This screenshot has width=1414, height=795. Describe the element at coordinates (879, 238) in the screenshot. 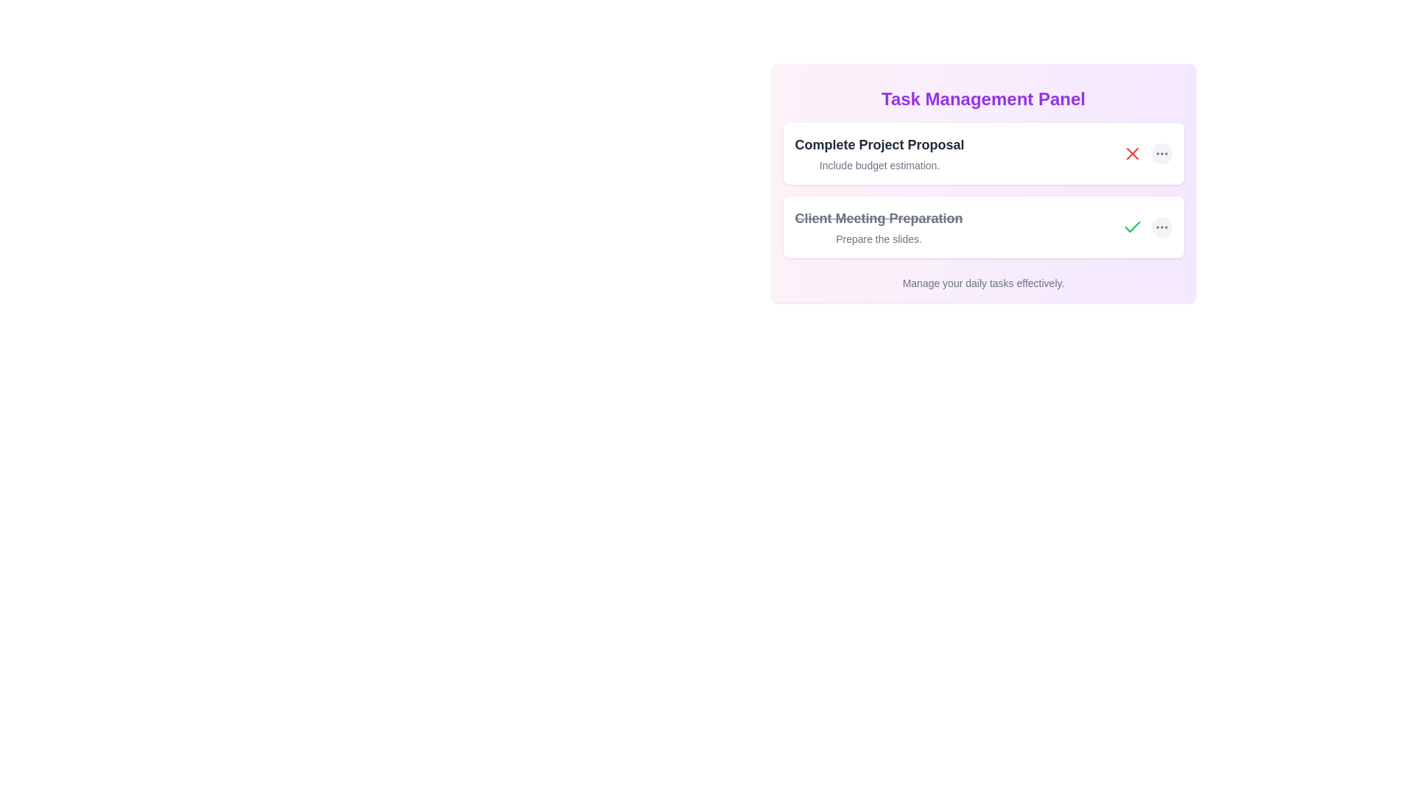

I see `the text element displaying 'Prepare the slides.' which is styled in gray and positioned below the bold title 'Client Meeting Preparation.'` at that location.